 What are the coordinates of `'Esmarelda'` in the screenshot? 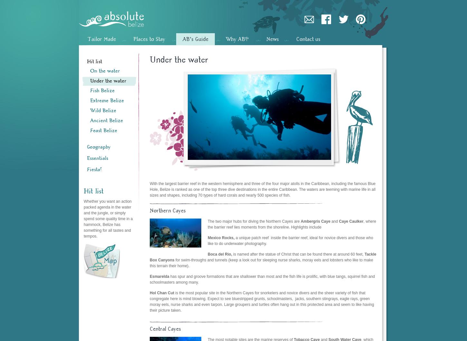 It's located at (159, 276).